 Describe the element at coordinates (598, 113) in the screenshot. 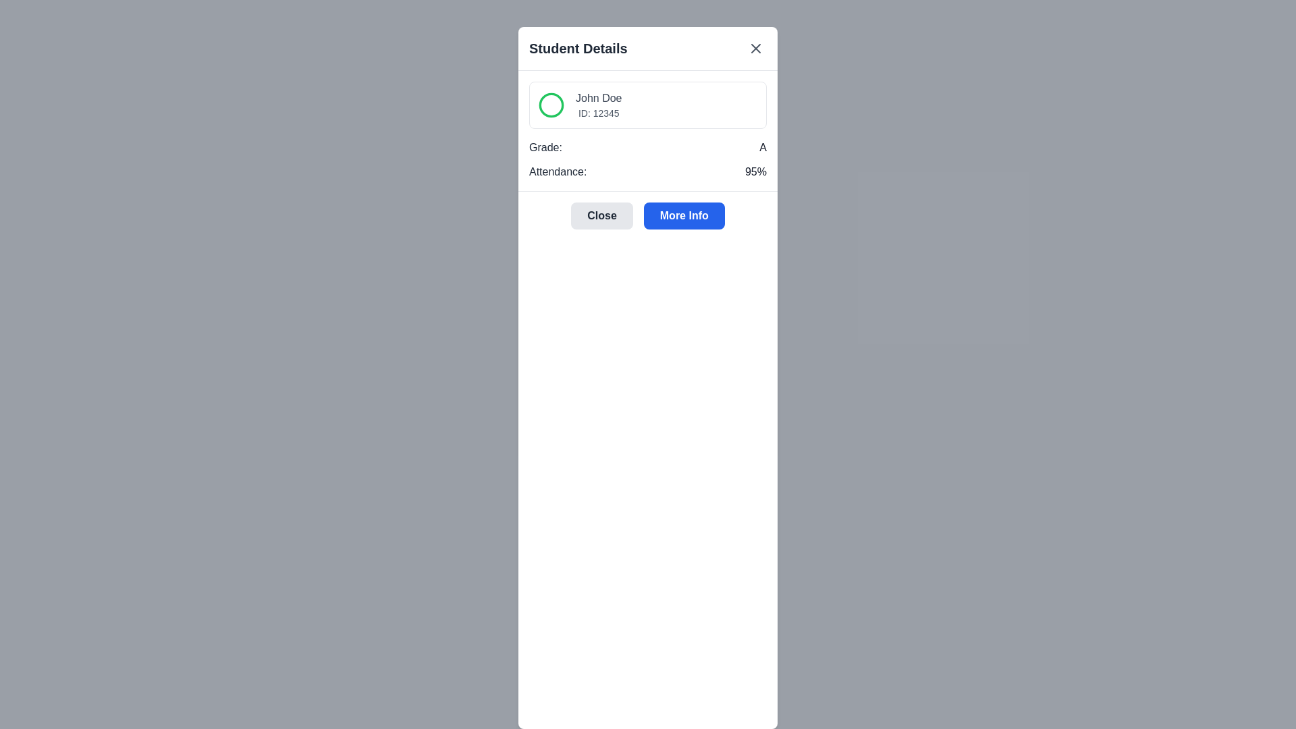

I see `the static text label displaying the unique ID '12345', located below the name 'John Doe' in the 'Student Details' card layout` at that location.